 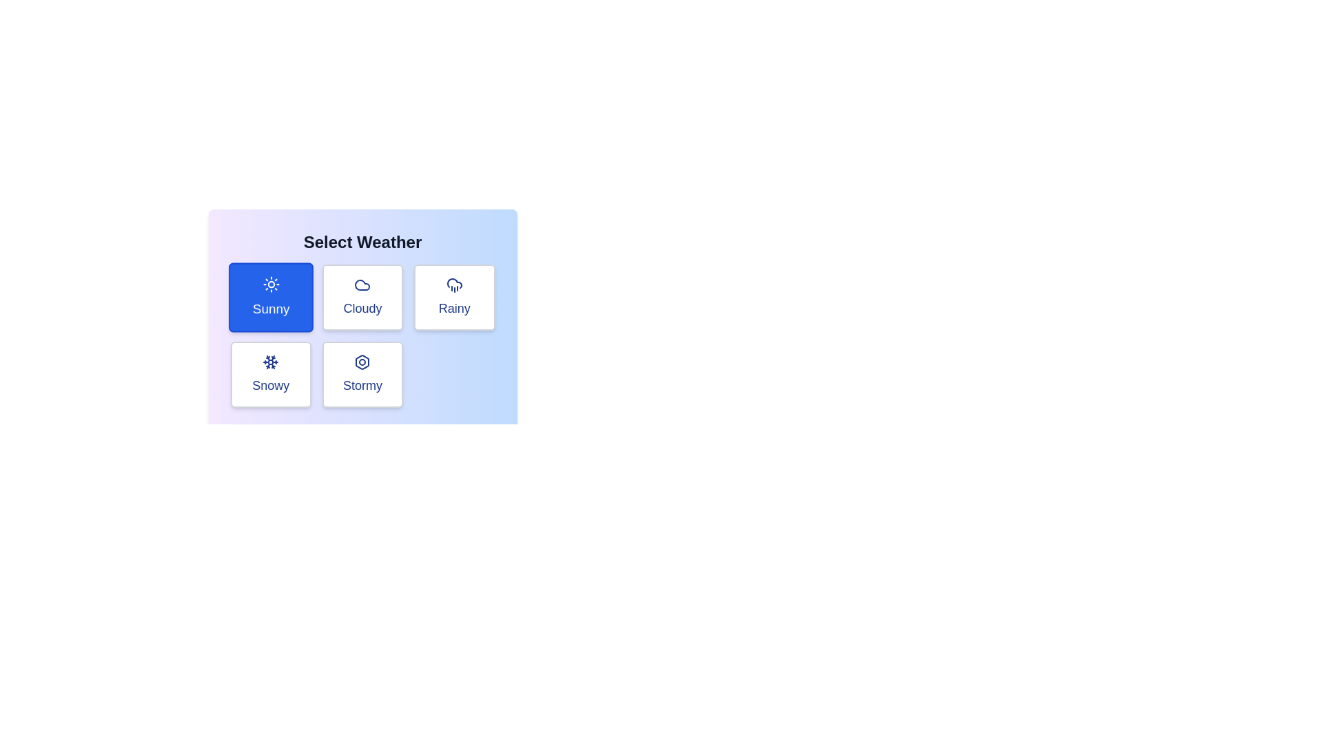 What do you see at coordinates (362, 374) in the screenshot?
I see `the fifth button in the weather options grid` at bounding box center [362, 374].